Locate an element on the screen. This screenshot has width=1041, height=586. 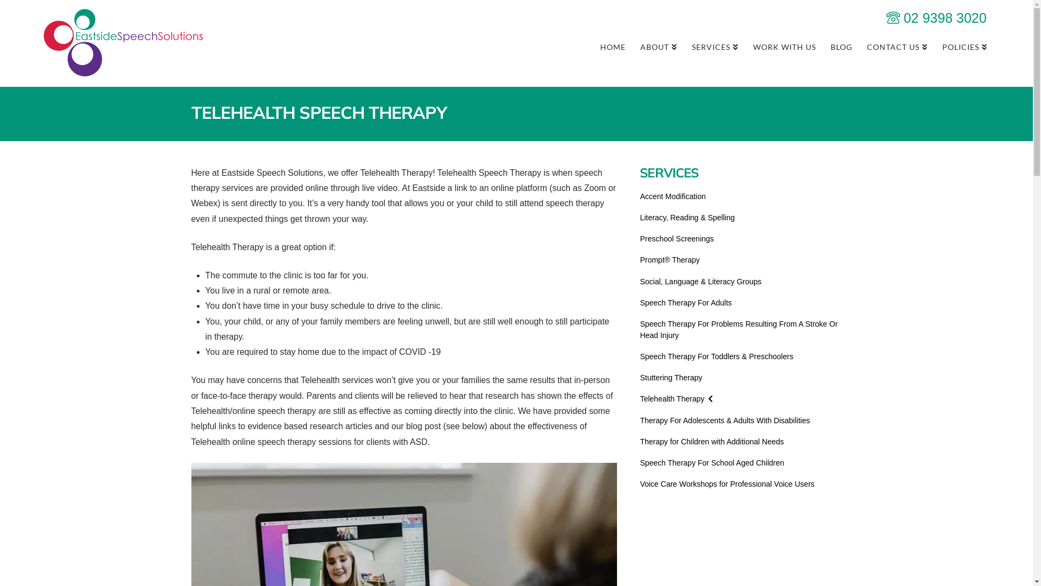
'Accent Modification' is located at coordinates (672, 196).